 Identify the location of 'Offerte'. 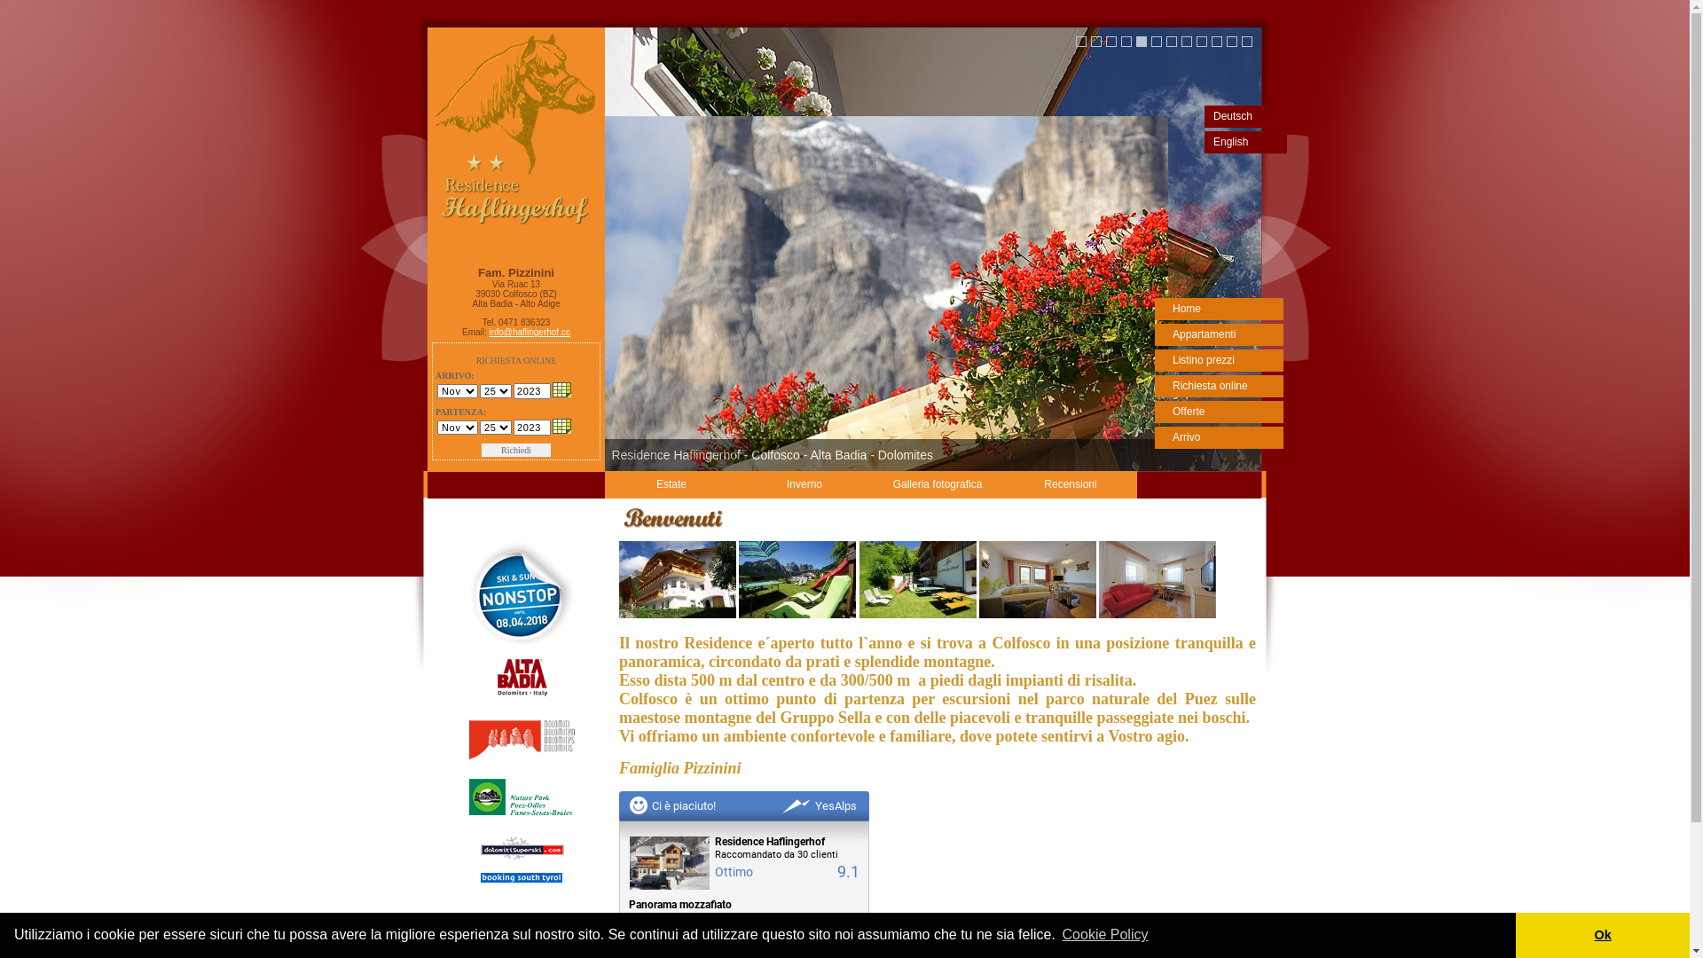
(1154, 412).